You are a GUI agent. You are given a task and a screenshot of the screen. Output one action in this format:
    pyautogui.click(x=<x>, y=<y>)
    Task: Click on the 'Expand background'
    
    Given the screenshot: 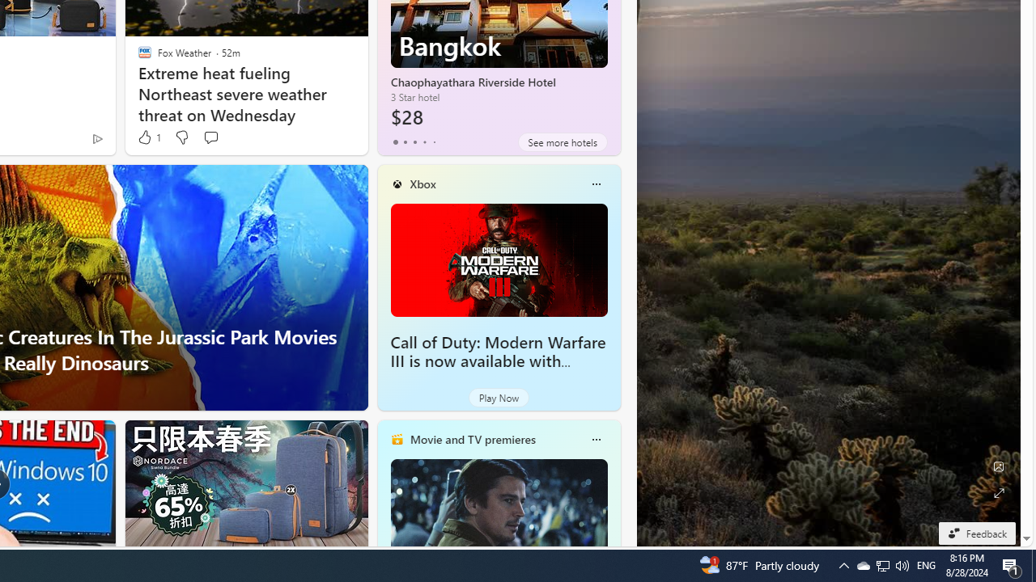 What is the action you would take?
    pyautogui.click(x=997, y=492)
    